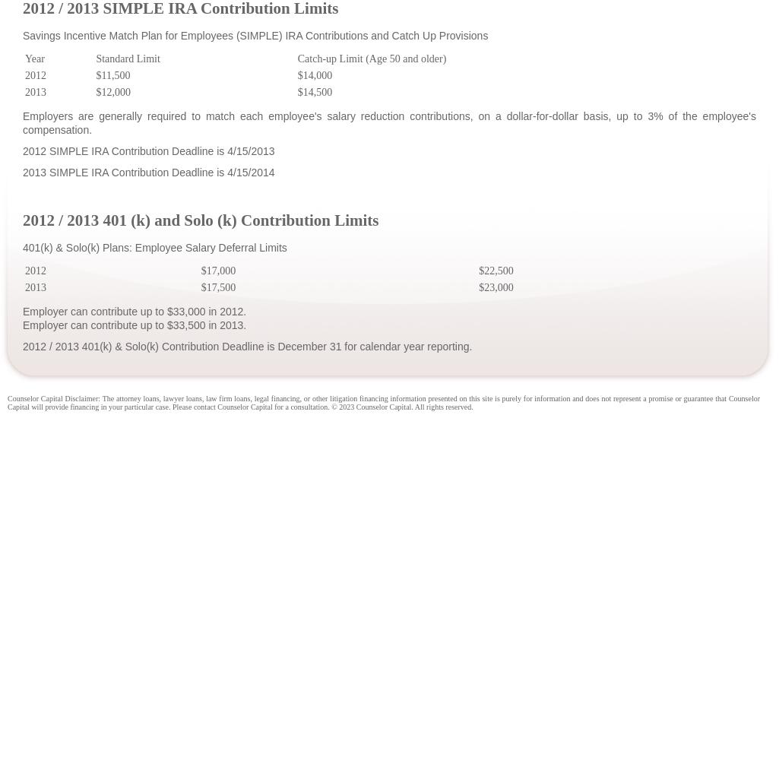 The height and width of the screenshot is (760, 779). What do you see at coordinates (23, 311) in the screenshot?
I see `'Employer can contribute up to $33,000 in 2012.'` at bounding box center [23, 311].